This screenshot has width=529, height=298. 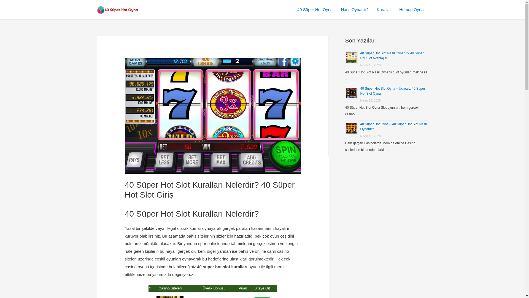 I want to click on 'Hemen Oyna', so click(x=411, y=9).